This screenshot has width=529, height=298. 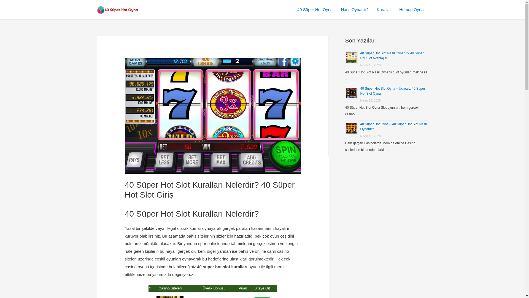 I want to click on 'Hemen Oyna', so click(x=411, y=9).